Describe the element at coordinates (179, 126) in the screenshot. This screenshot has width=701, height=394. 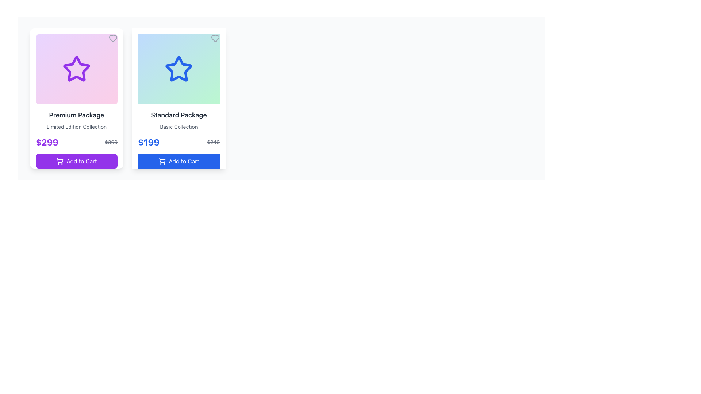
I see `description text displayed below the 'Standard Package' label in the product card` at that location.